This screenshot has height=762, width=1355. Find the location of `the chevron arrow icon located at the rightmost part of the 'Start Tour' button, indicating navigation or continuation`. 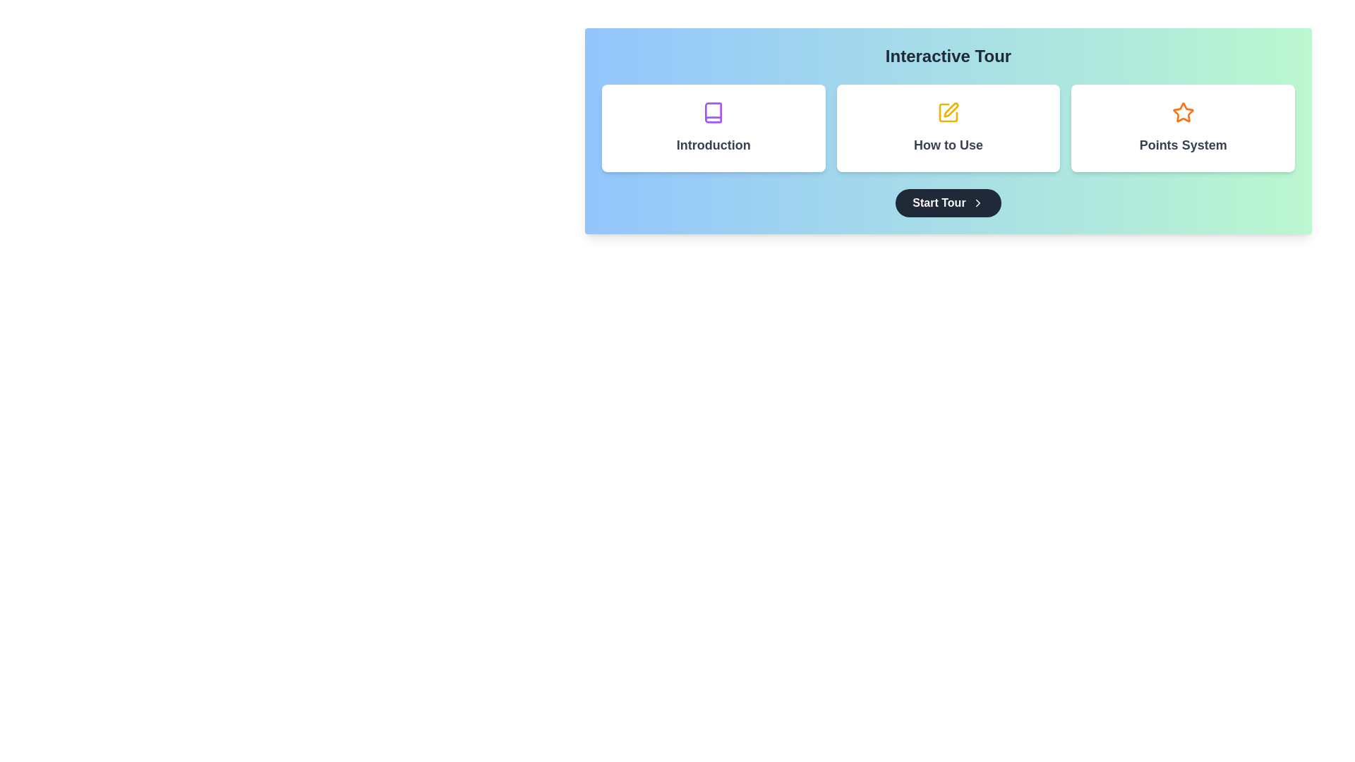

the chevron arrow icon located at the rightmost part of the 'Start Tour' button, indicating navigation or continuation is located at coordinates (977, 203).